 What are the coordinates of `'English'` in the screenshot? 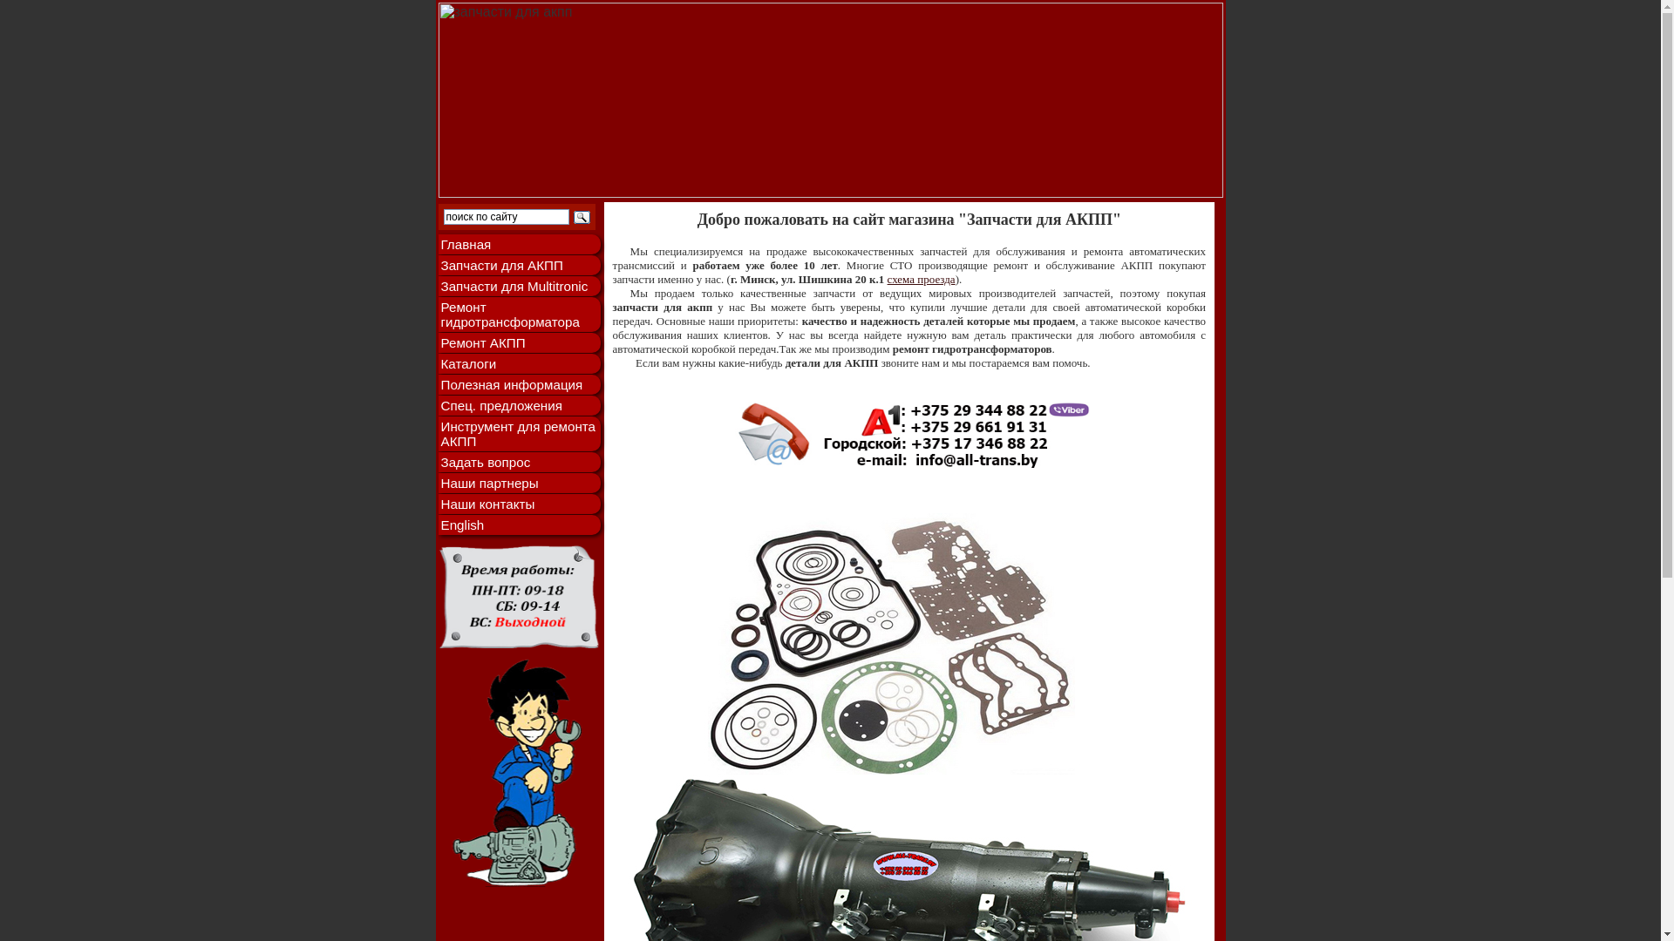 It's located at (438, 524).